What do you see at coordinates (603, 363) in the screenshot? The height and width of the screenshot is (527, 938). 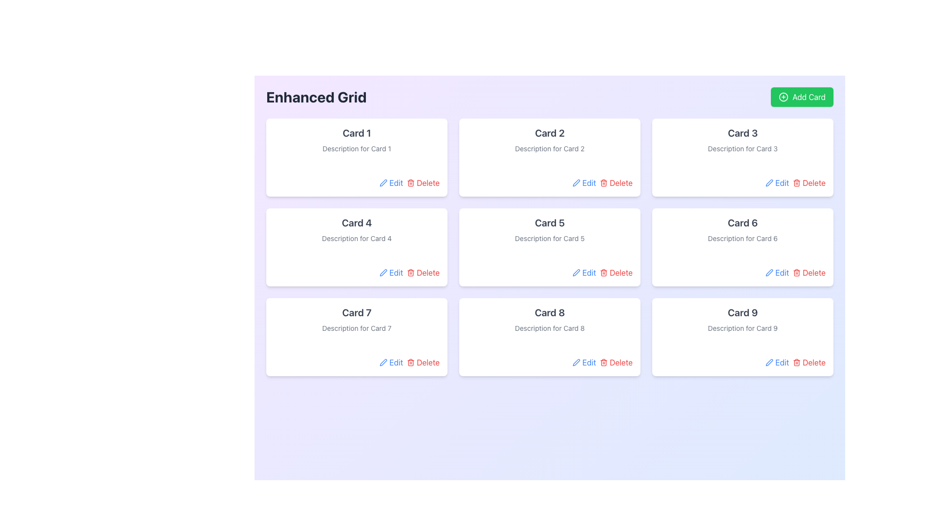 I see `the trash can icon button next to the 'Delete' text` at bounding box center [603, 363].